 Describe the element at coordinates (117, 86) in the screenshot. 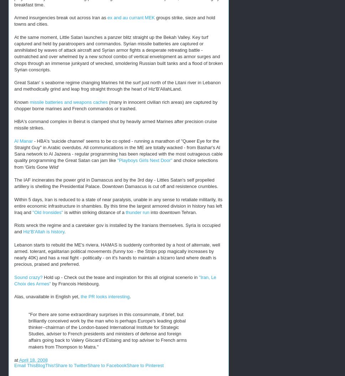

I see `'Great Satan' s seaborne regime changing Marines hit the surf just north of the Litani river in Lebanon and methodically grind and leap frog straight through the heart of Hiz'B'AllahLand.'` at that location.